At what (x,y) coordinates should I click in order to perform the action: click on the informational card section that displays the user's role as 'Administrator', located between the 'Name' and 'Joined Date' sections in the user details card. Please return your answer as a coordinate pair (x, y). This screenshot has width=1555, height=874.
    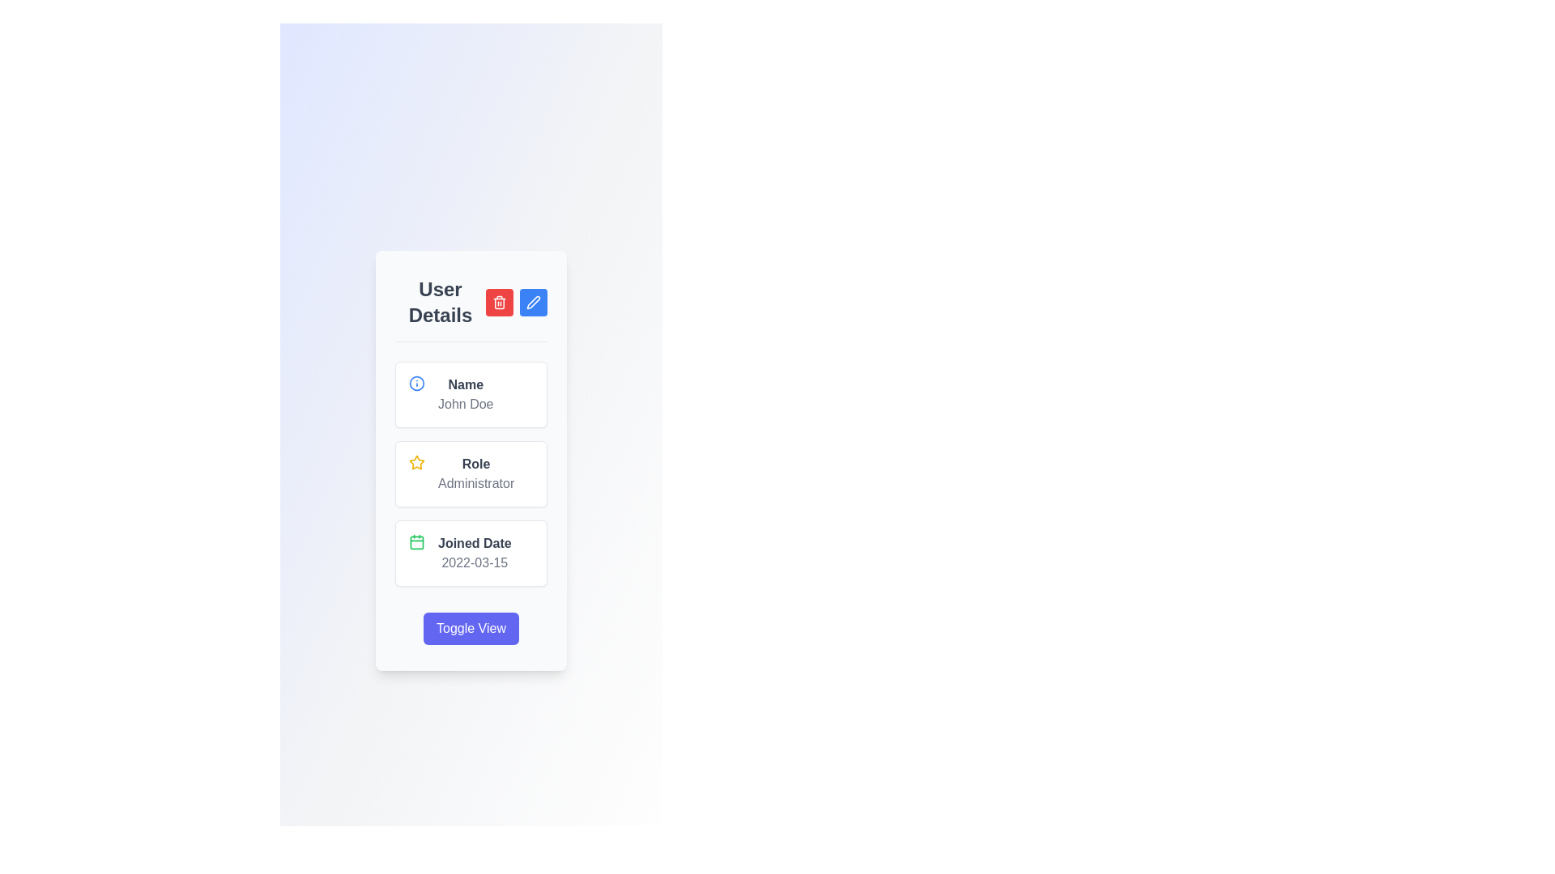
    Looking at the image, I should click on (470, 473).